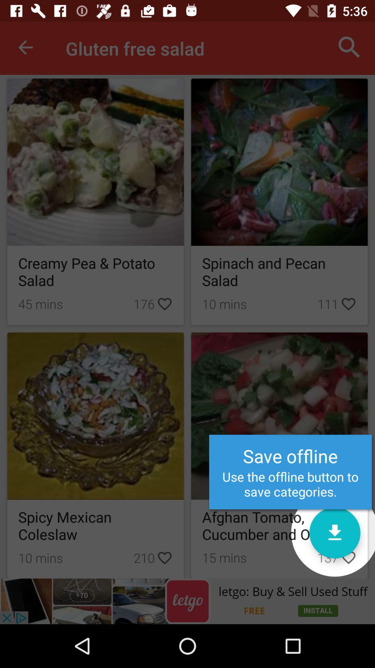  Describe the element at coordinates (348, 557) in the screenshot. I see `the heart symbol` at that location.